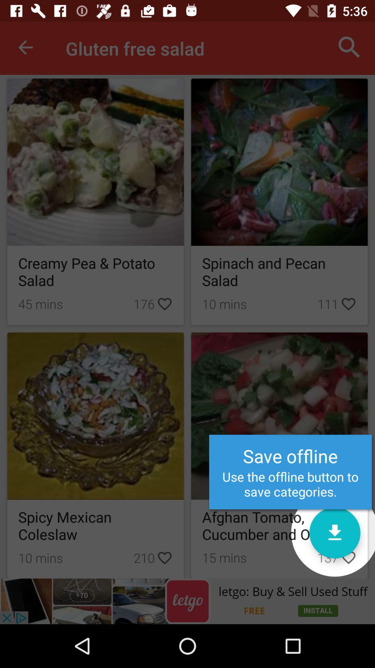  Describe the element at coordinates (348, 557) in the screenshot. I see `the heart symbol` at that location.